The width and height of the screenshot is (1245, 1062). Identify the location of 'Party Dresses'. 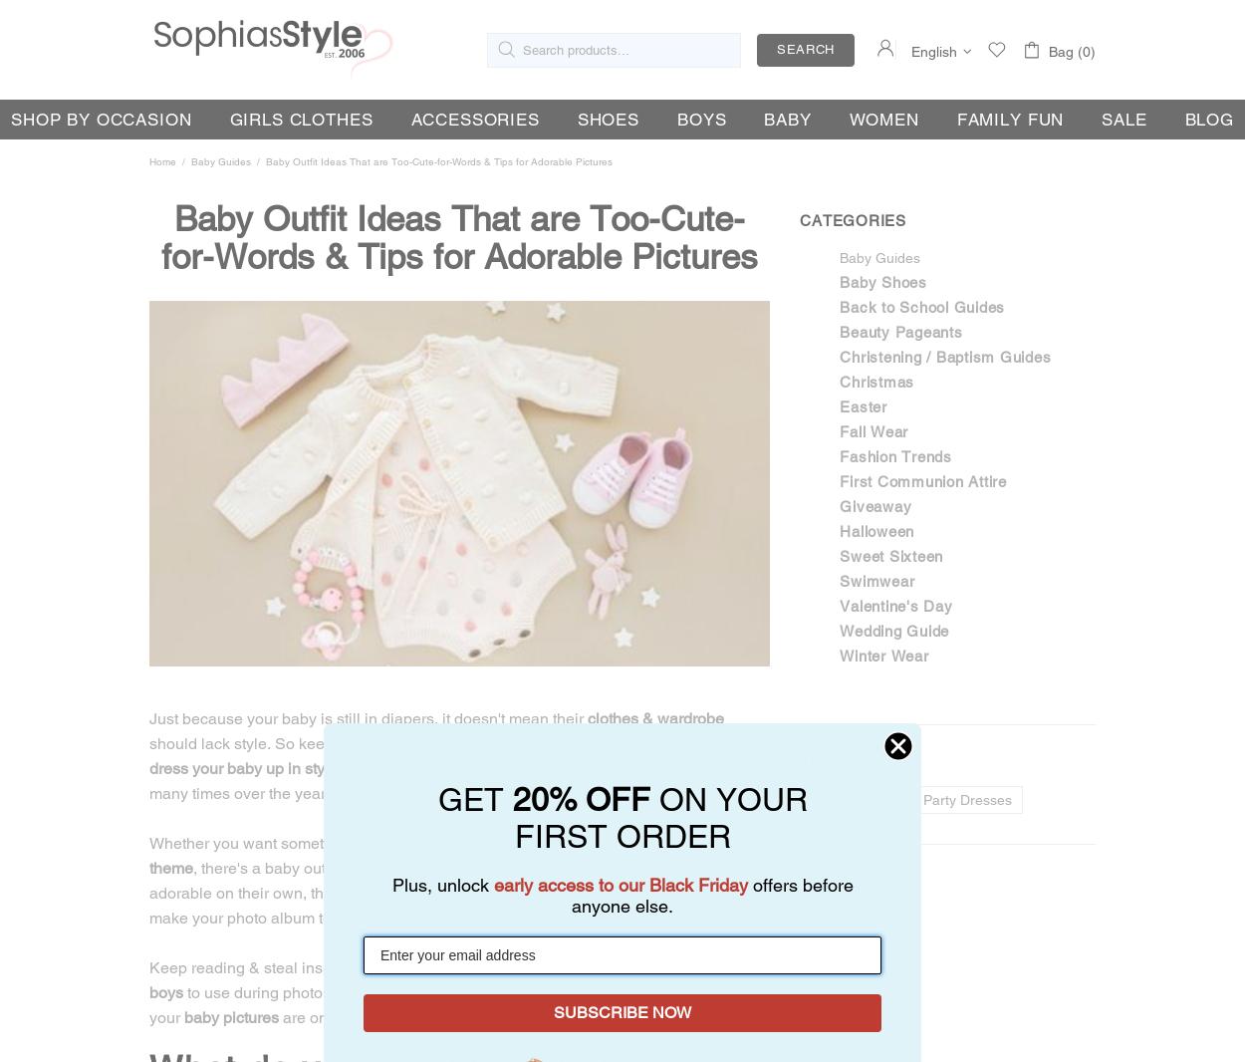
(966, 800).